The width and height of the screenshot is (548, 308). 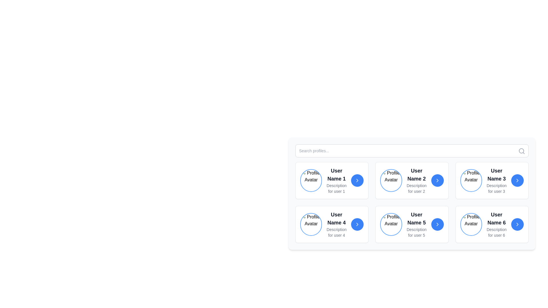 I want to click on the circular image placeholder with the alternative text 'Profile Avatar' located in the sixth card of the grid layout, so click(x=471, y=224).